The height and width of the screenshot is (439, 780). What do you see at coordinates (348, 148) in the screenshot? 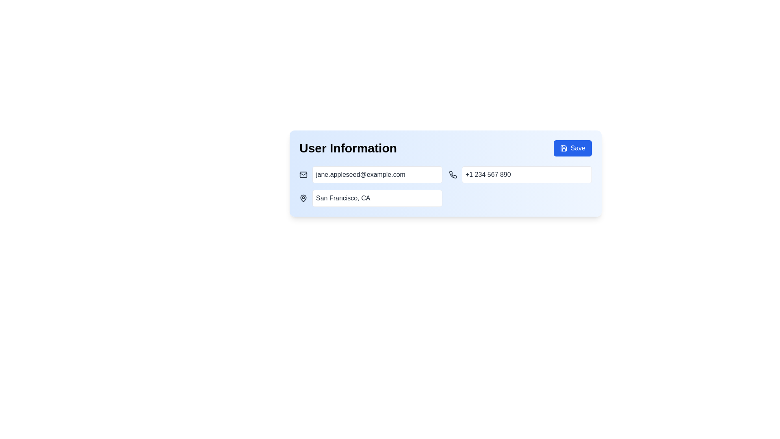
I see `the 'User Information' text label, which is prominently displayed at the top-left of the form, to engage with the surrounding context` at bounding box center [348, 148].